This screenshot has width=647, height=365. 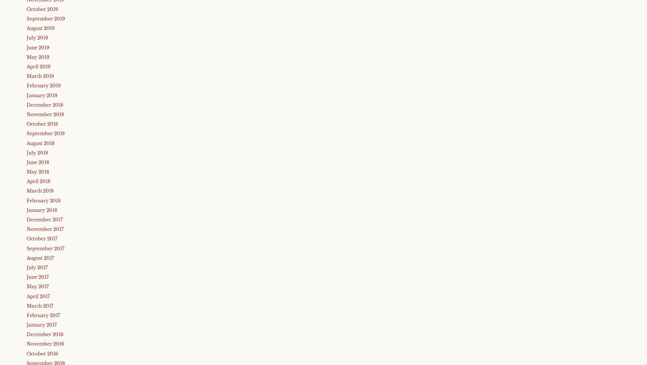 I want to click on 'June 2017', so click(x=37, y=277).